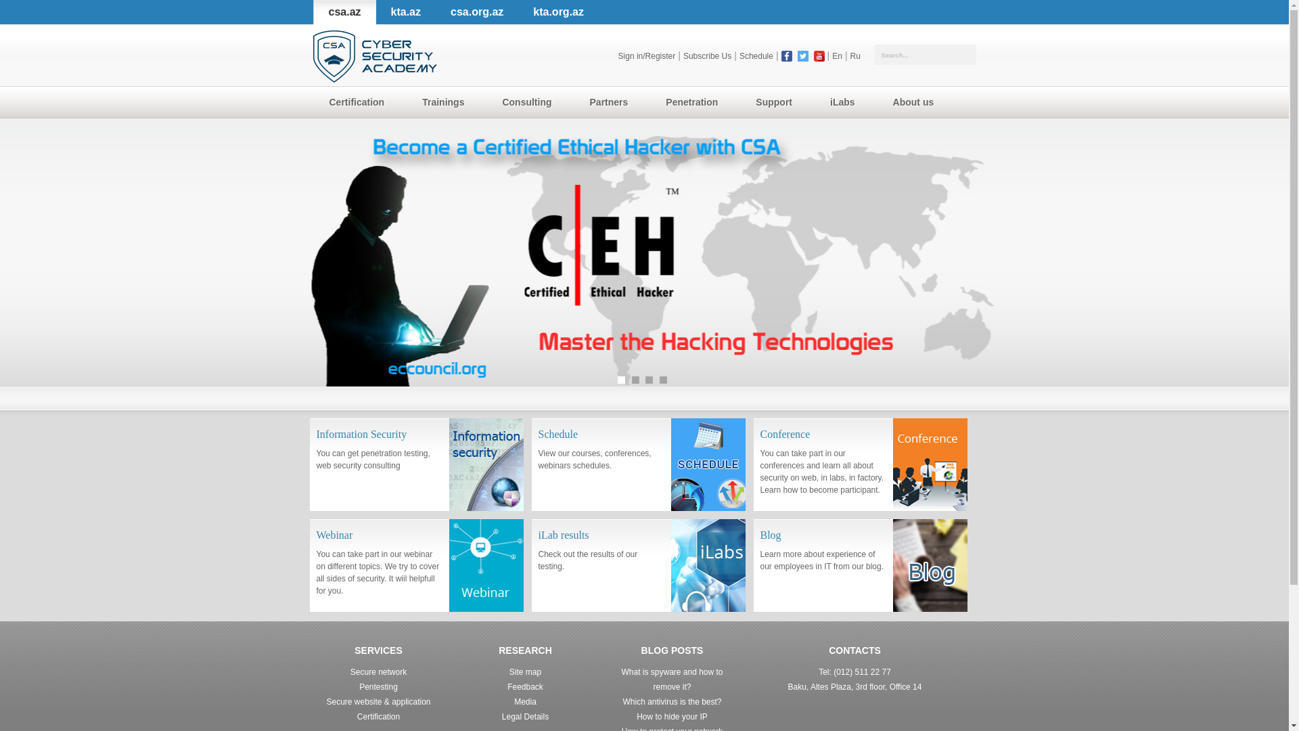  Describe the element at coordinates (672, 701) in the screenshot. I see `'Which antivirus is the best?'` at that location.